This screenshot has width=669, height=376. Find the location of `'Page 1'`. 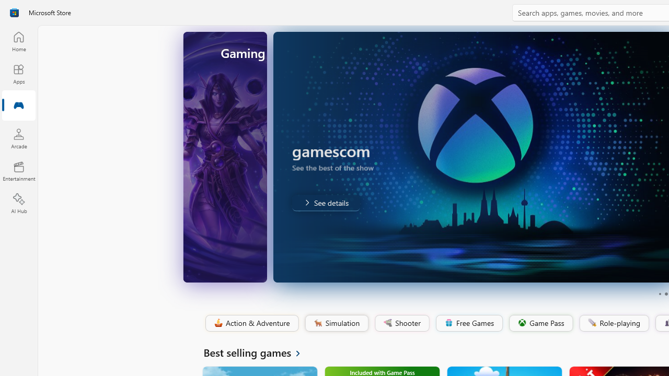

'Page 1' is located at coordinates (659, 294).